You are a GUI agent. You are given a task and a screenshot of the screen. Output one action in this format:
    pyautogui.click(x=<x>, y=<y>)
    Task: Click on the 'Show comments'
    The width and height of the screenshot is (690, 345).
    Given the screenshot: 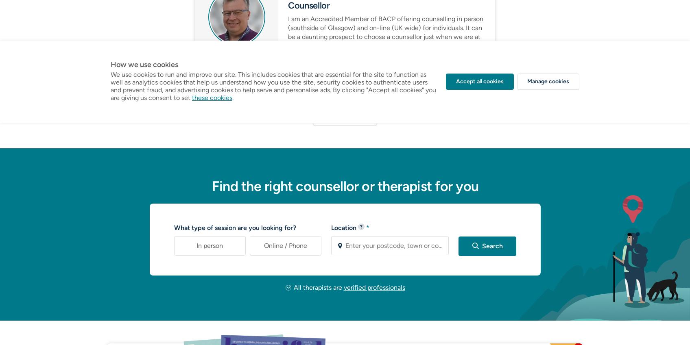 What is the action you would take?
    pyautogui.click(x=323, y=116)
    